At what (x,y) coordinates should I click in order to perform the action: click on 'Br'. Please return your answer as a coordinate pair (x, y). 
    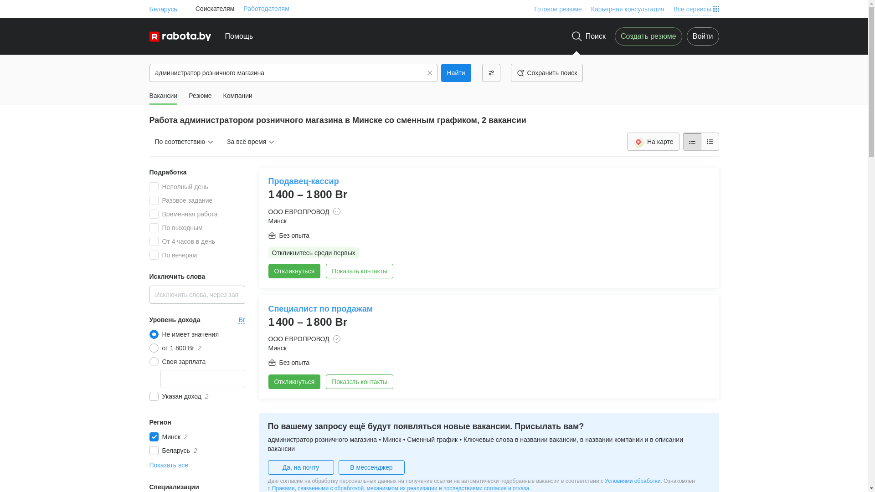
    Looking at the image, I should click on (242, 319).